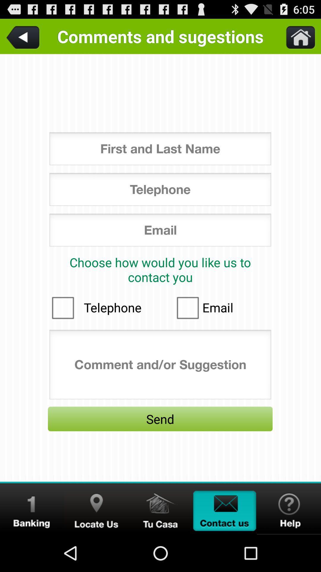 This screenshot has width=321, height=572. I want to click on the home icon, so click(160, 545).